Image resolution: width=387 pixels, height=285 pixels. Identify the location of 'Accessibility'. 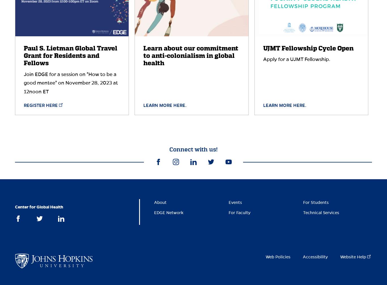
(315, 257).